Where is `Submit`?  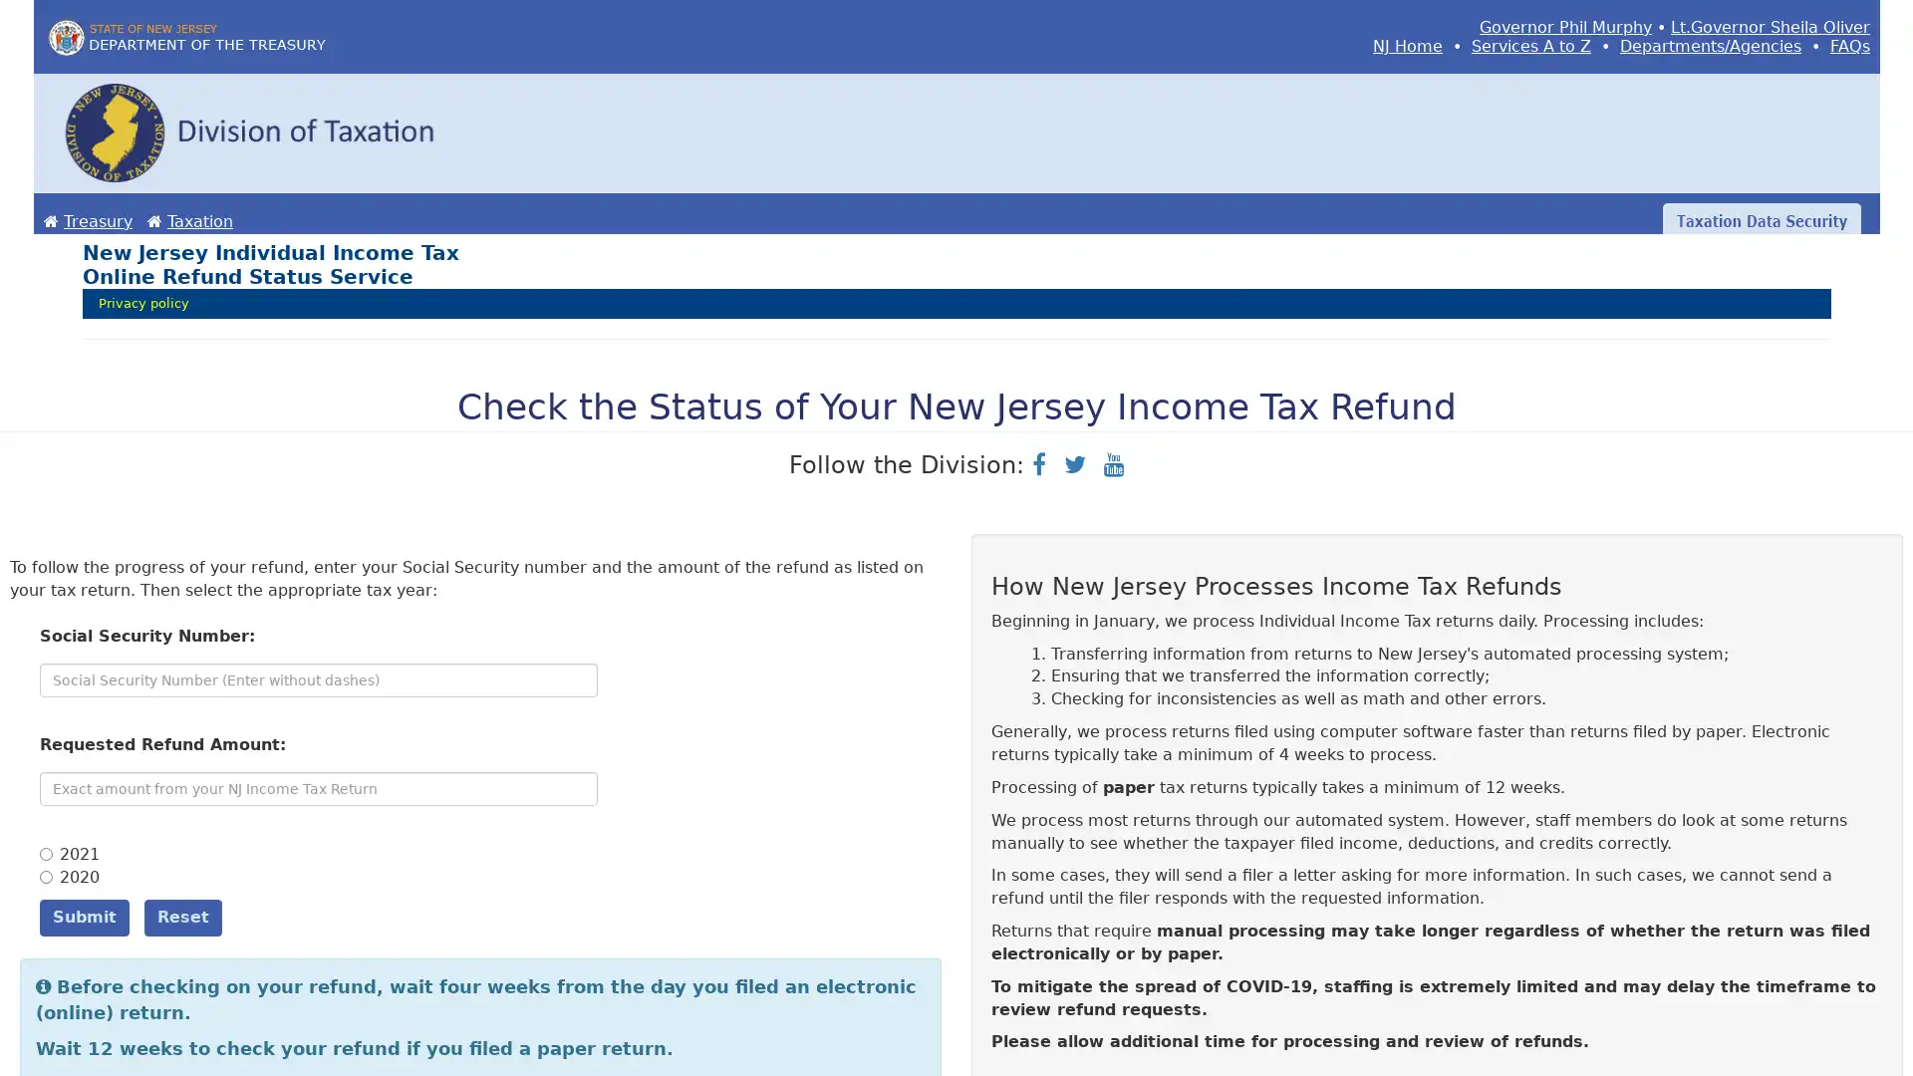
Submit is located at coordinates (84, 917).